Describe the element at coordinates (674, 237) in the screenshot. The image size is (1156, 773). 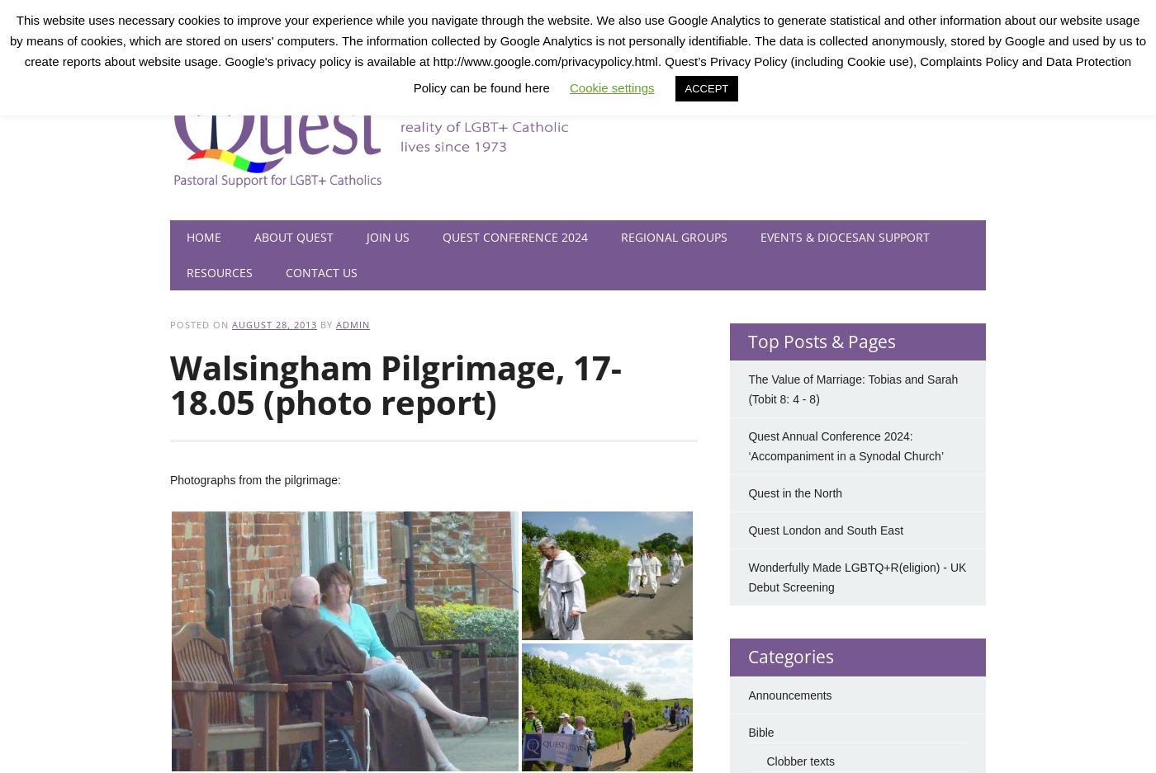
I see `'Regional Groups'` at that location.